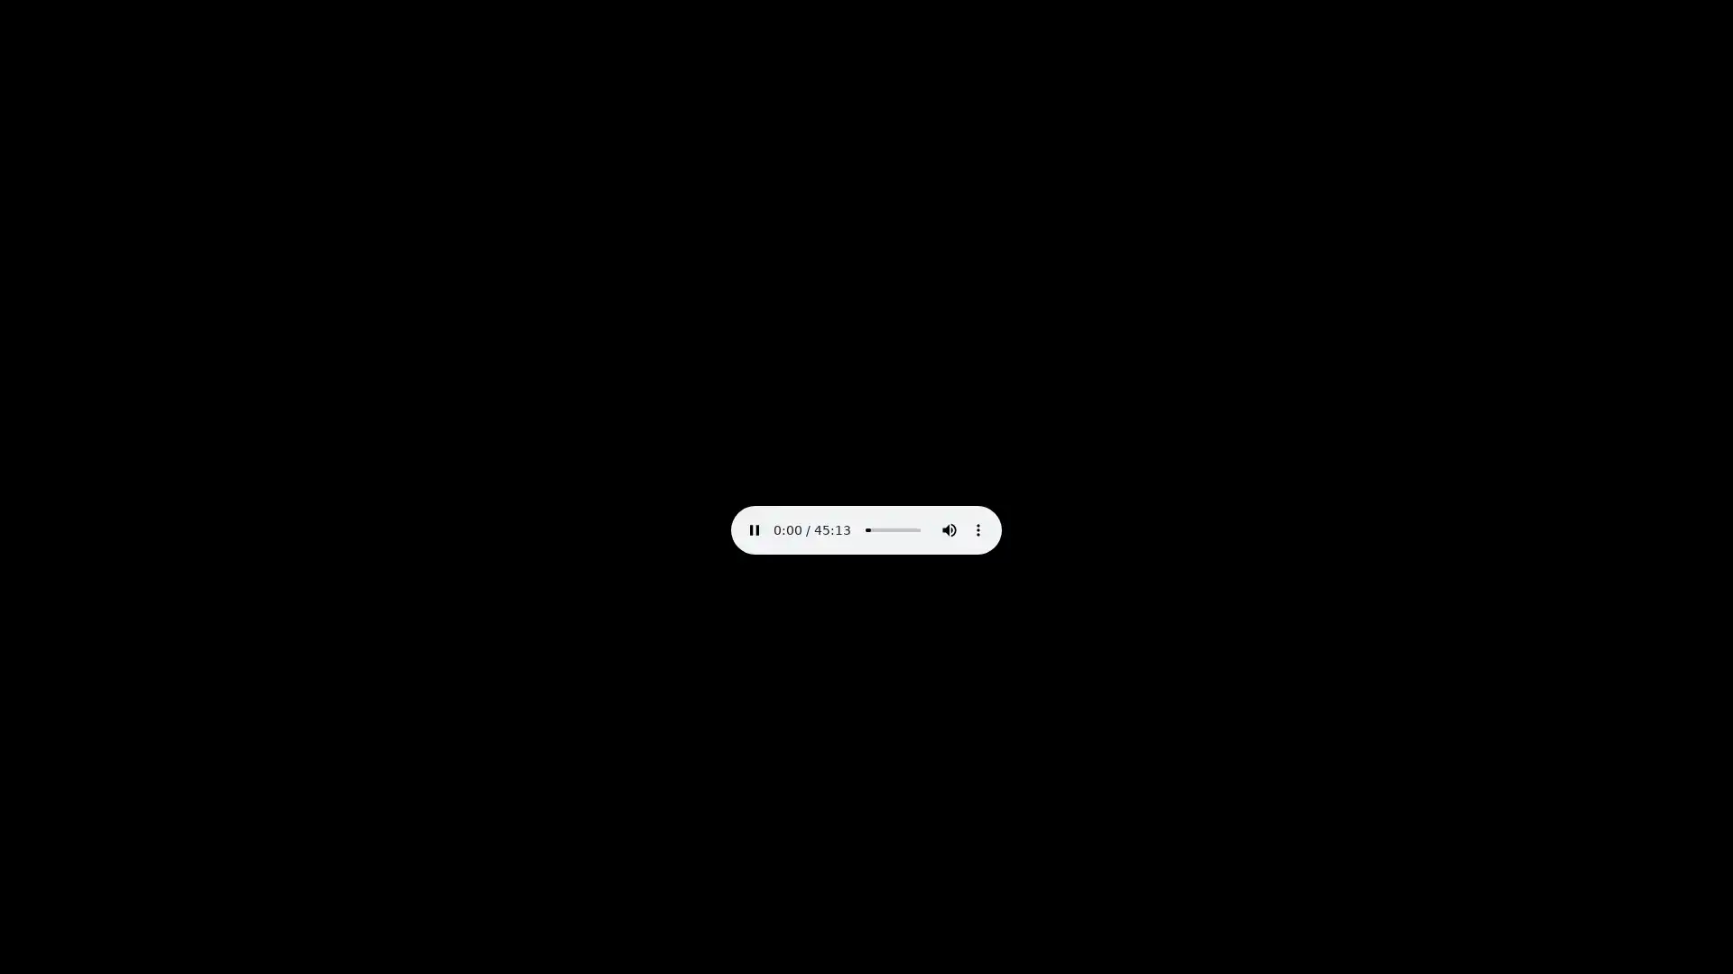  What do you see at coordinates (754, 528) in the screenshot?
I see `pause` at bounding box center [754, 528].